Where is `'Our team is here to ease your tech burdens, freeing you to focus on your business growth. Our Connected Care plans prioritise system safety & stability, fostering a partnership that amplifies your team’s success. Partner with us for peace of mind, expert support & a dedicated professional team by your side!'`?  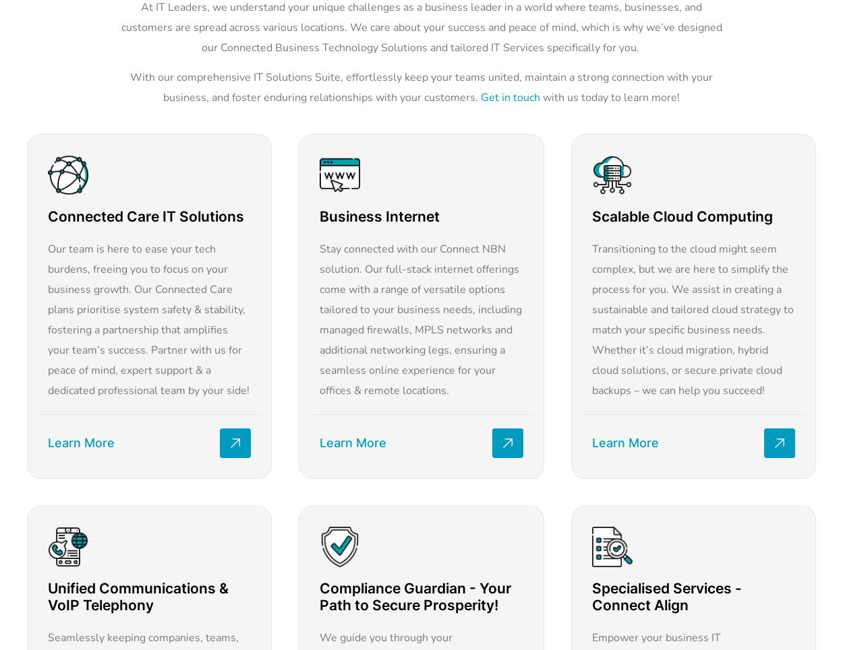 'Our team is here to ease your tech burdens, freeing you to focus on your business growth. Our Connected Care plans prioritise system safety & stability, fostering a partnership that amplifies your team’s success. Partner with us for peace of mind, expert support & a dedicated professional team by your side!' is located at coordinates (148, 319).